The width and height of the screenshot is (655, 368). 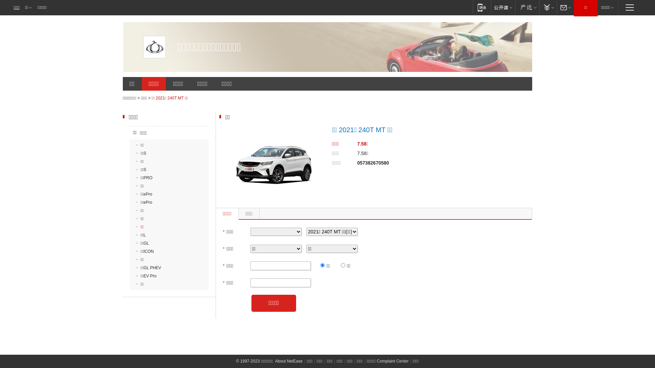 What do you see at coordinates (289, 361) in the screenshot?
I see `'About NetEase'` at bounding box center [289, 361].